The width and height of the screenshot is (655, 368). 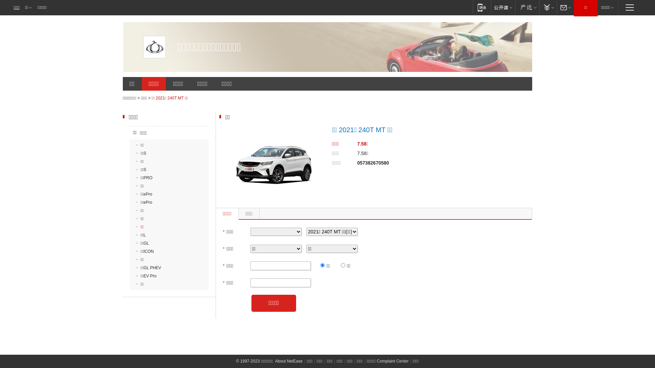 What do you see at coordinates (289, 361) in the screenshot?
I see `'About NetEase'` at bounding box center [289, 361].